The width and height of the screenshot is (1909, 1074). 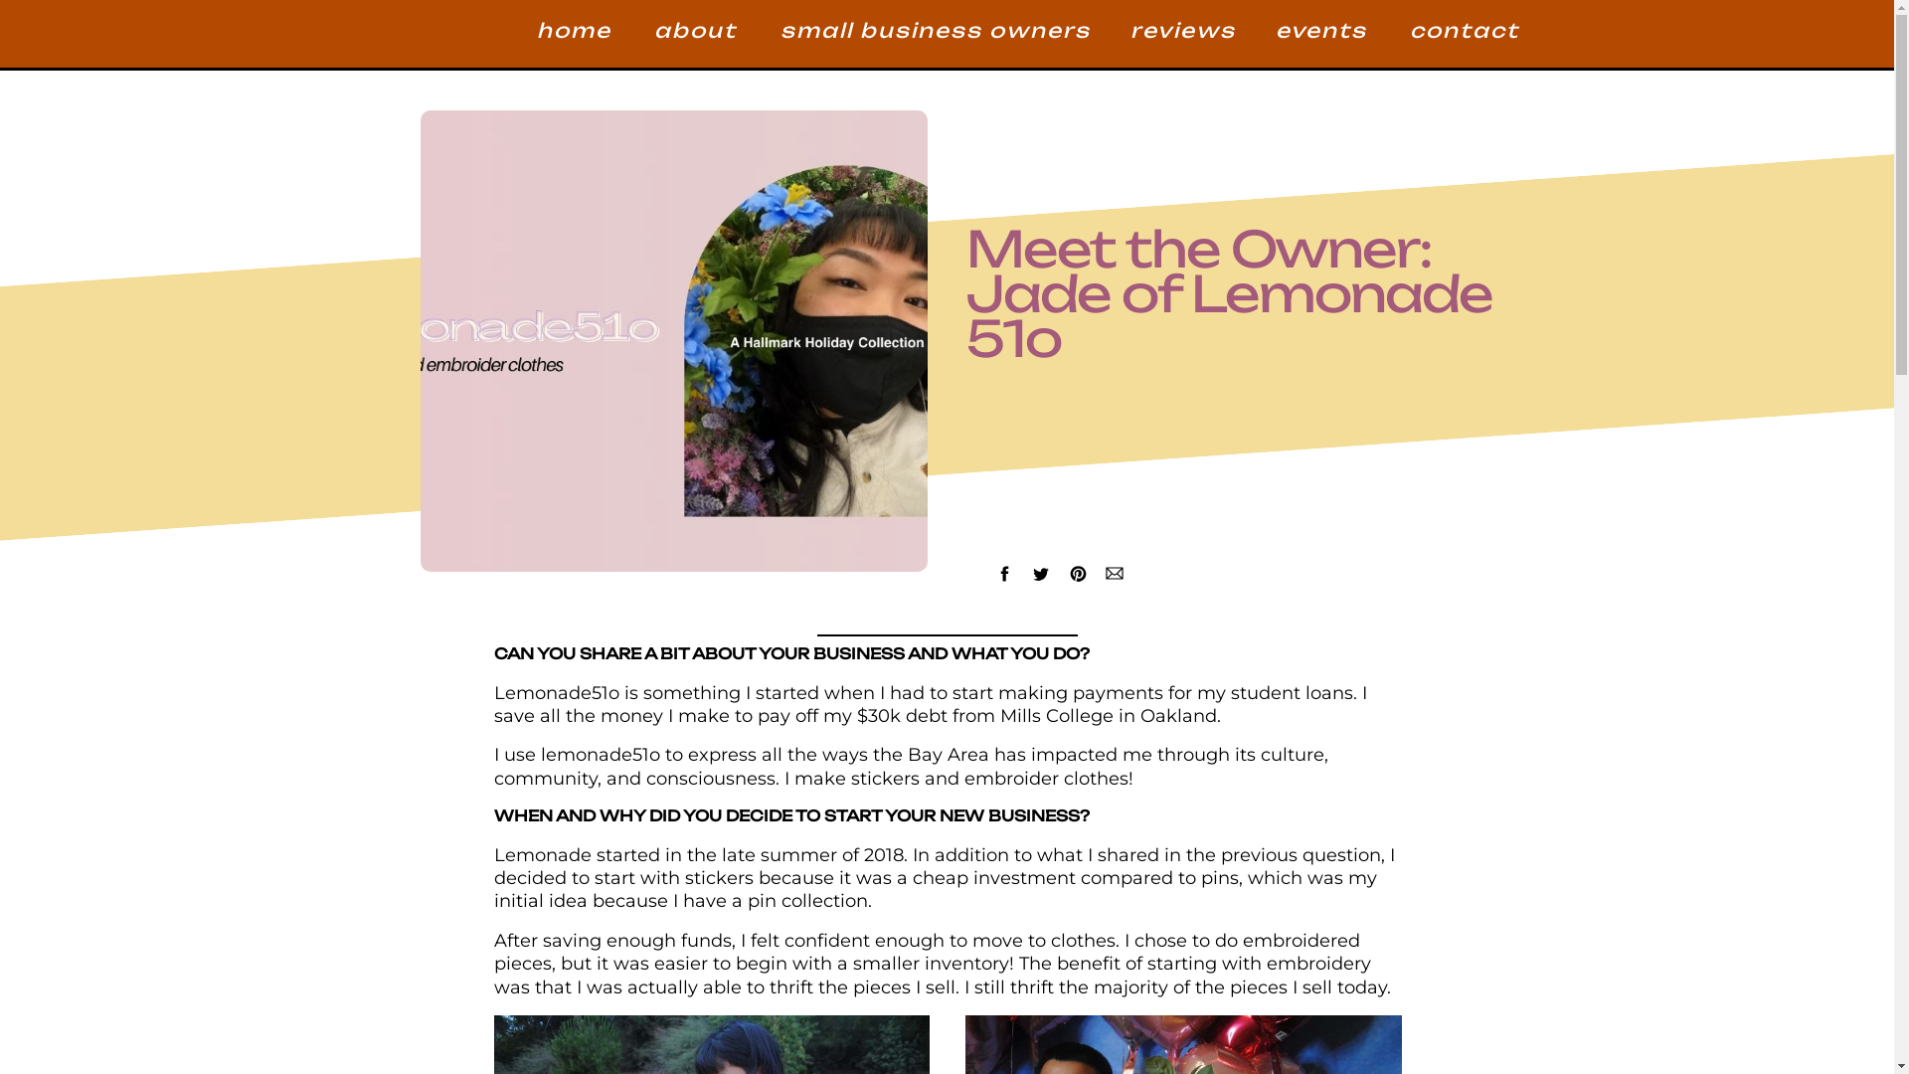 I want to click on 'contact', so click(x=1460, y=35).